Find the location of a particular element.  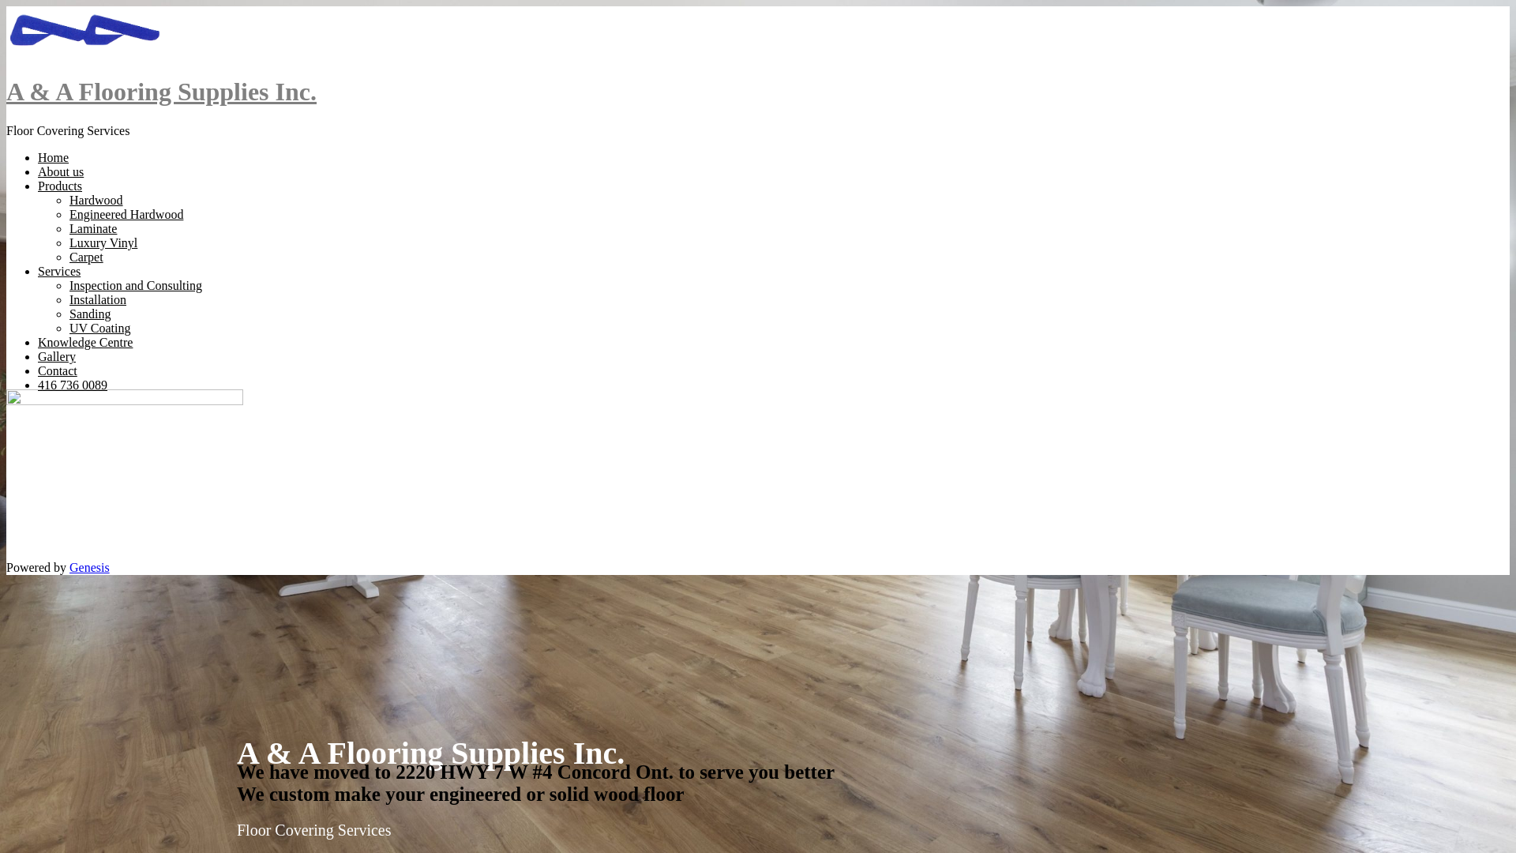

'Sanding' is located at coordinates (89, 314).